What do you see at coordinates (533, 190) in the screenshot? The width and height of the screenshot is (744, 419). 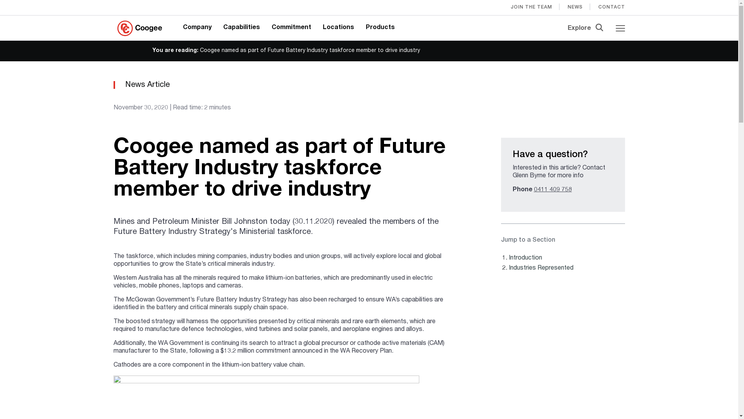 I see `'0411 409 758'` at bounding box center [533, 190].